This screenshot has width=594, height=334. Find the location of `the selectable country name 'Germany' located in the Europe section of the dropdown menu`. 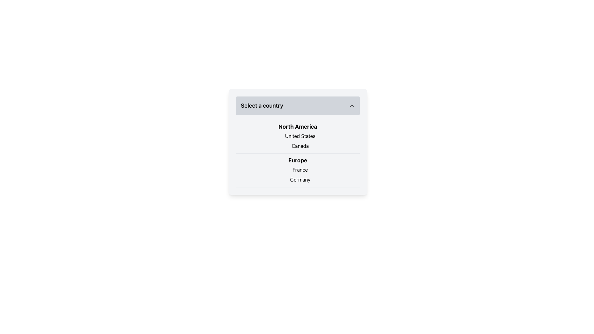

the selectable country name 'Germany' located in the Europe section of the dropdown menu is located at coordinates (298, 180).